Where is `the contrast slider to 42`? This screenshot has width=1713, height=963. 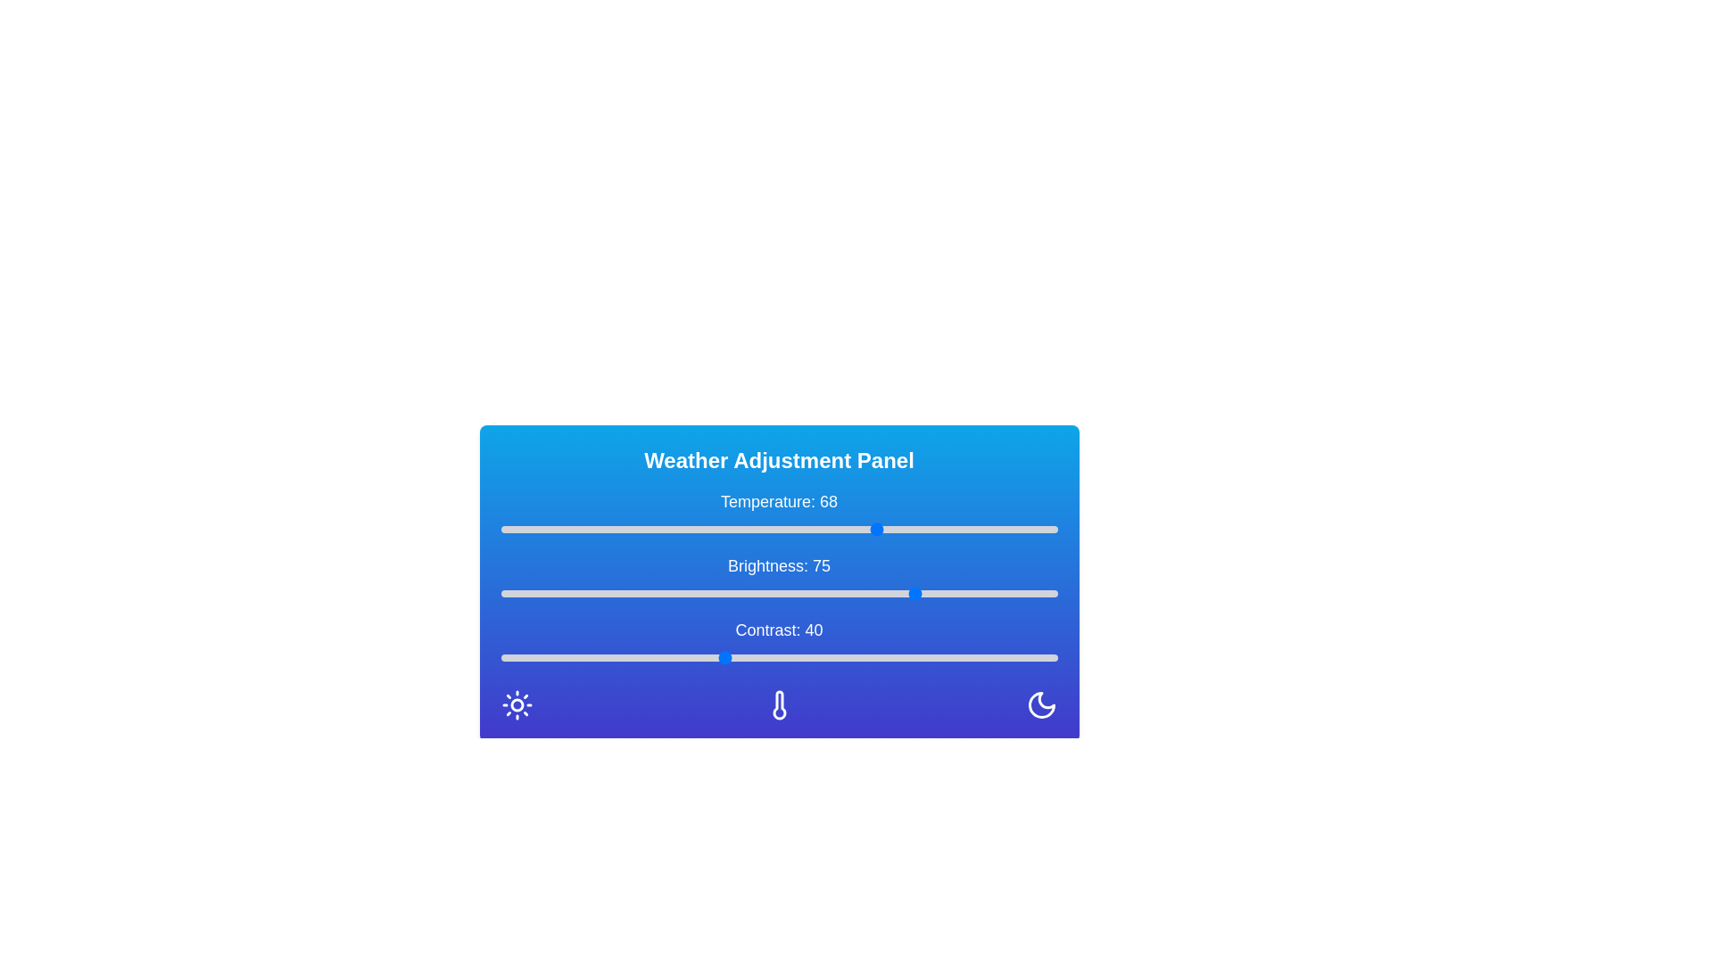 the contrast slider to 42 is located at coordinates (734, 657).